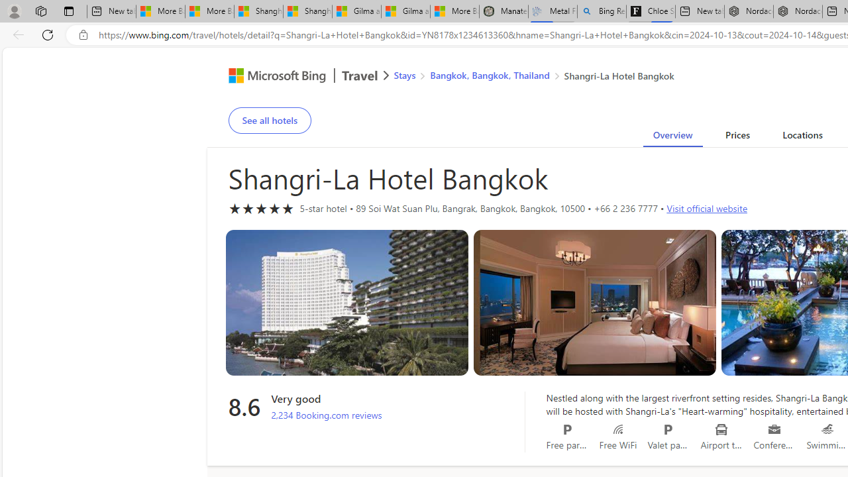  I want to click on 'Microsoft Bing Travel', so click(294, 78).